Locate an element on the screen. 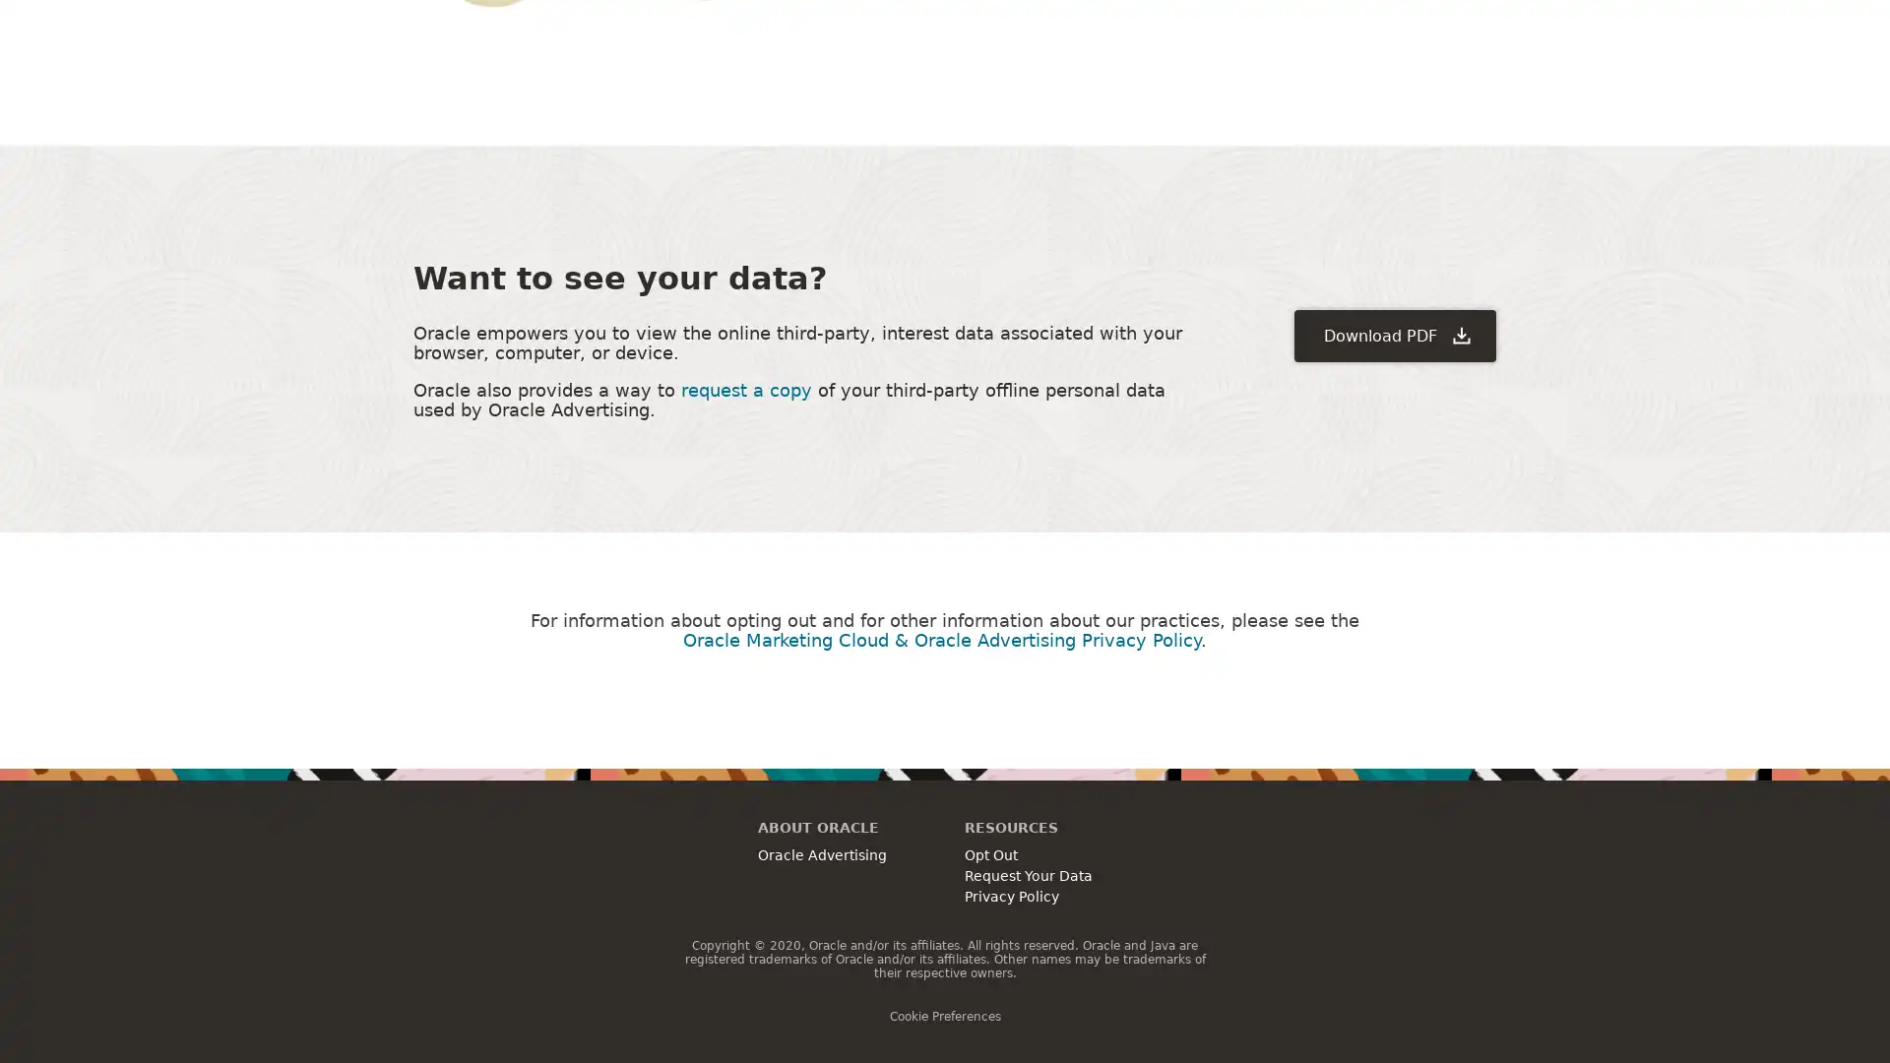 The width and height of the screenshot is (1890, 1063). Download PDF is located at coordinates (1394, 334).